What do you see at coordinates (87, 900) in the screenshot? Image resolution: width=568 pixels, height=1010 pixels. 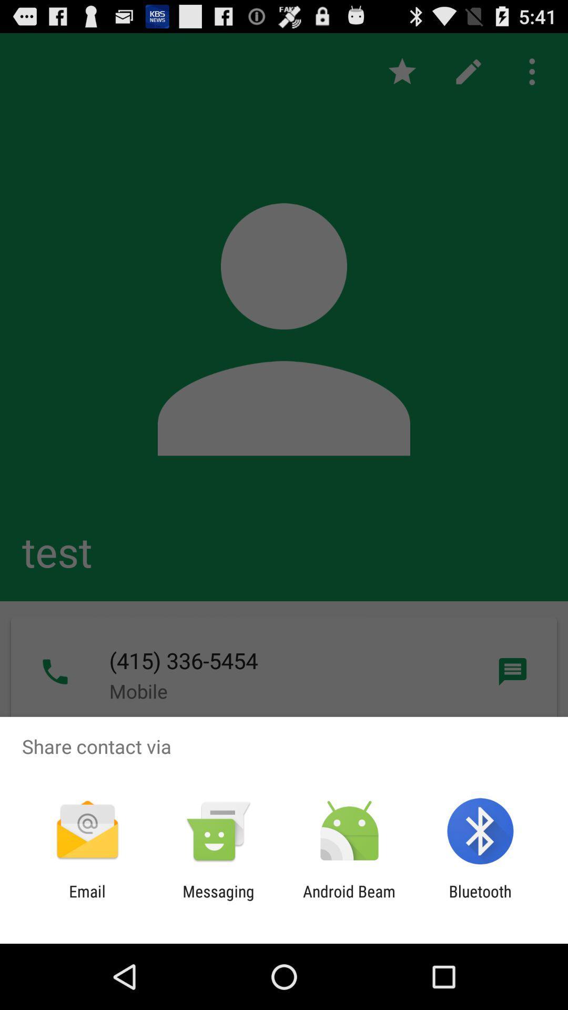 I see `app to the left of the messaging icon` at bounding box center [87, 900].